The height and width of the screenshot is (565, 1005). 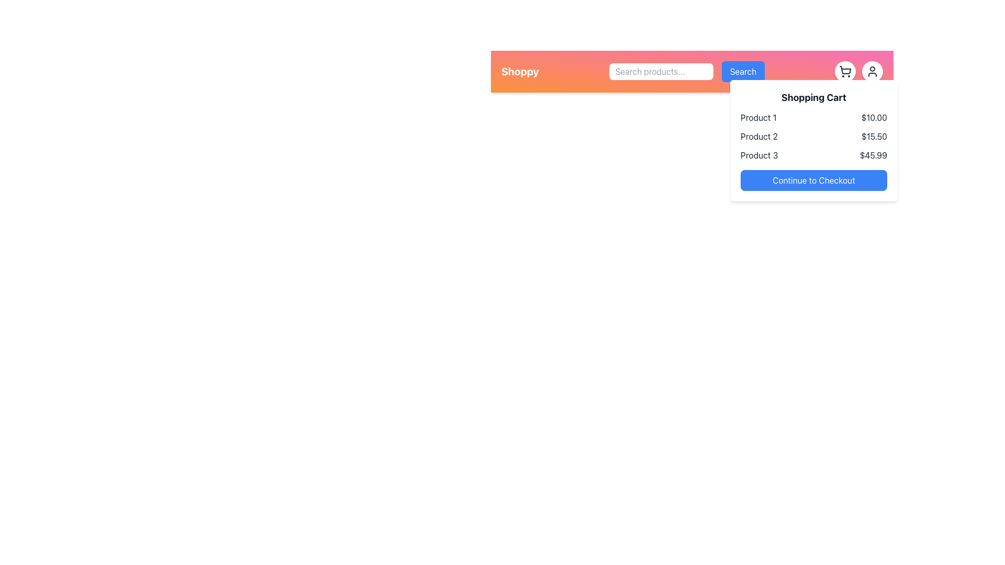 What do you see at coordinates (845, 71) in the screenshot?
I see `the circular button with a white background and a dark gray shopping cart icon` at bounding box center [845, 71].